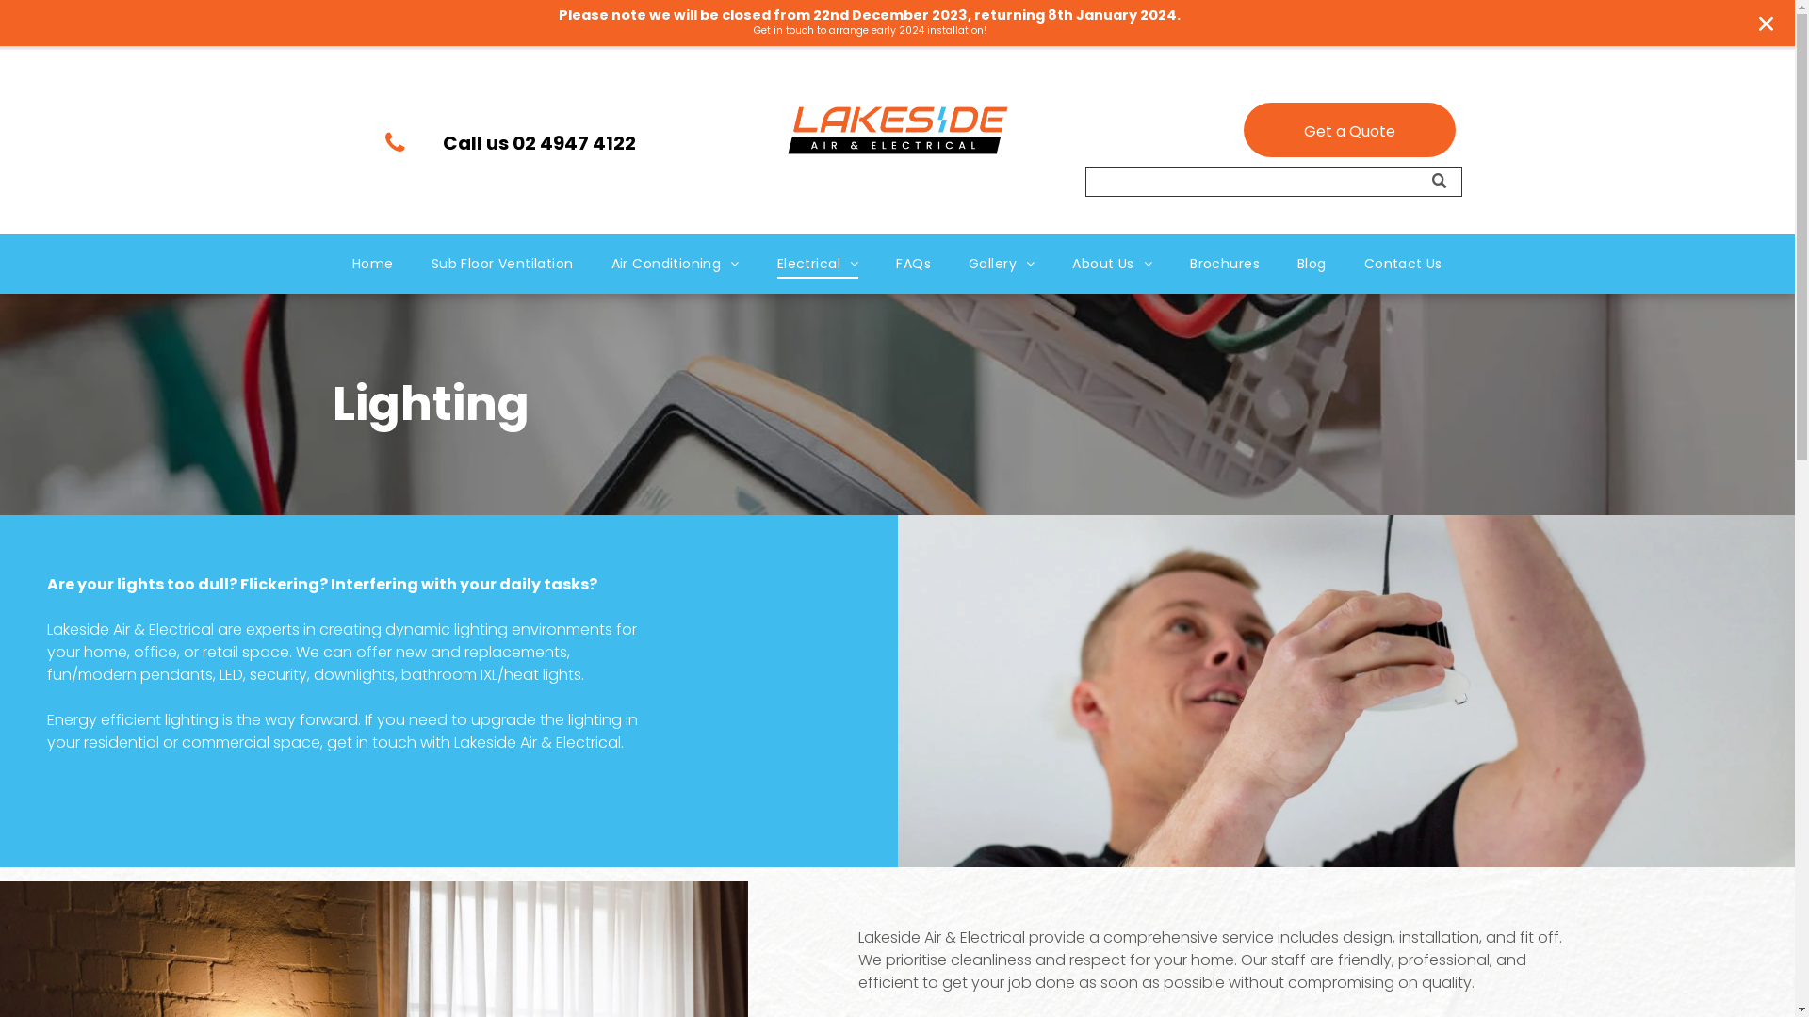 This screenshot has width=1809, height=1017. What do you see at coordinates (913, 264) in the screenshot?
I see `'FAQs'` at bounding box center [913, 264].